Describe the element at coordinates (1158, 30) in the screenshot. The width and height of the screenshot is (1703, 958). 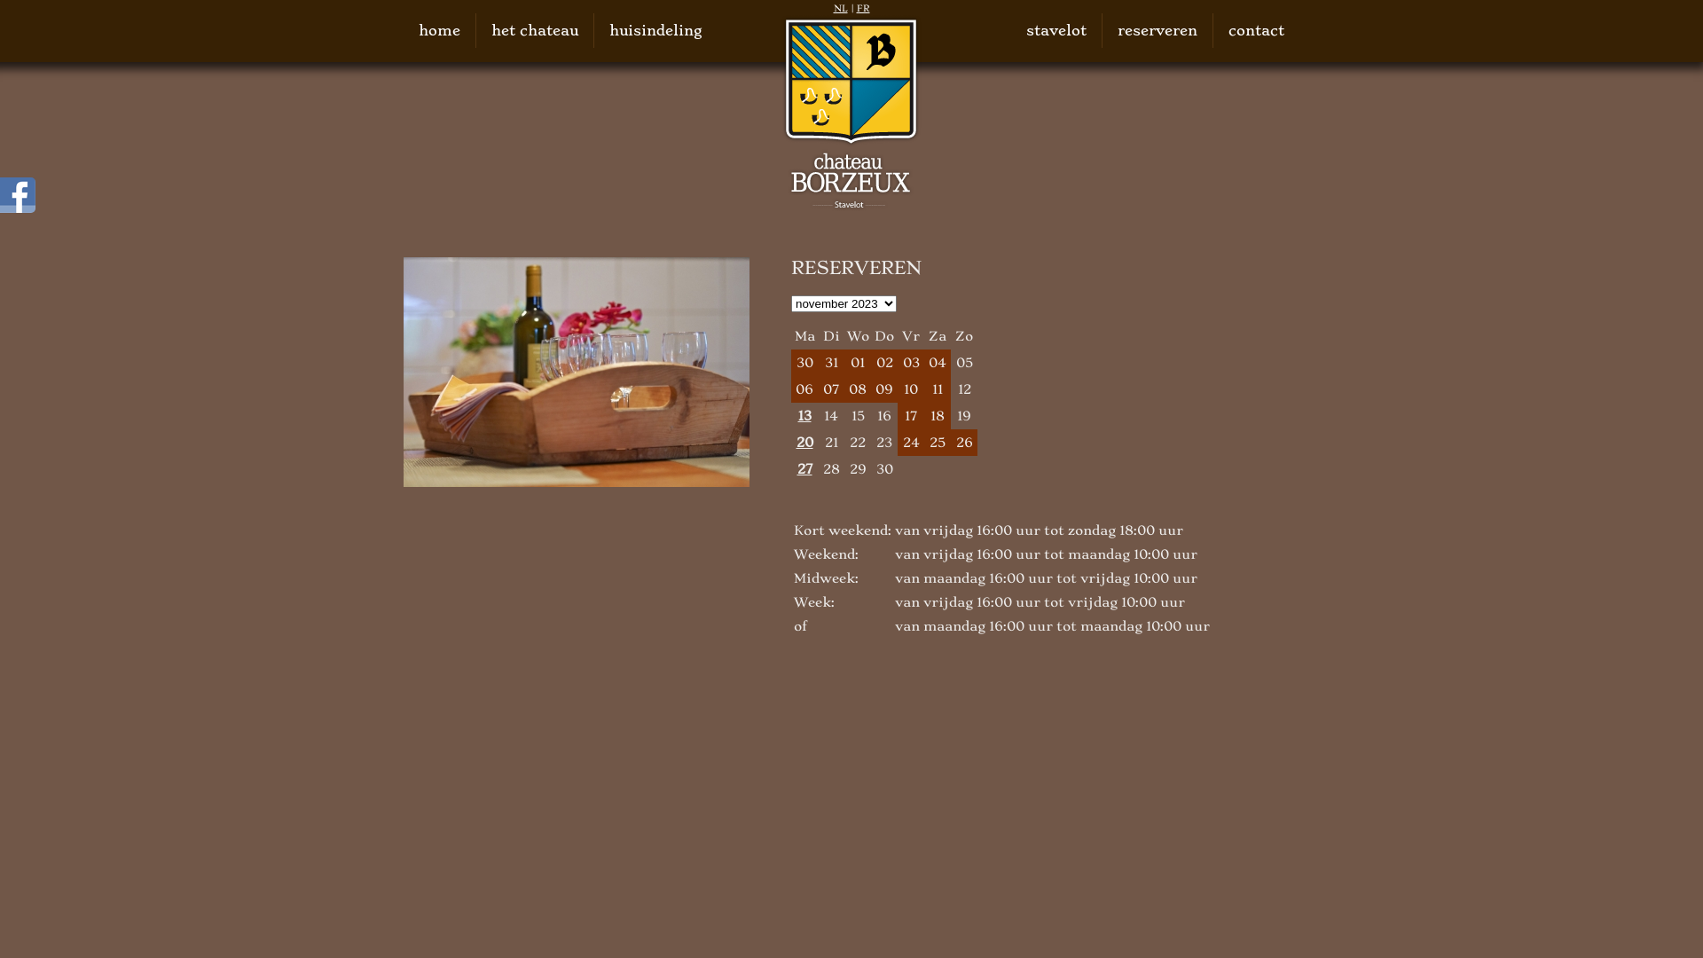
I see `'reserveren'` at that location.